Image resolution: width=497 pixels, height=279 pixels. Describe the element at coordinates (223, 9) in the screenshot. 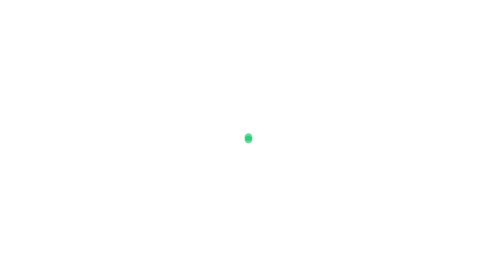

I see `'Over het project'` at that location.